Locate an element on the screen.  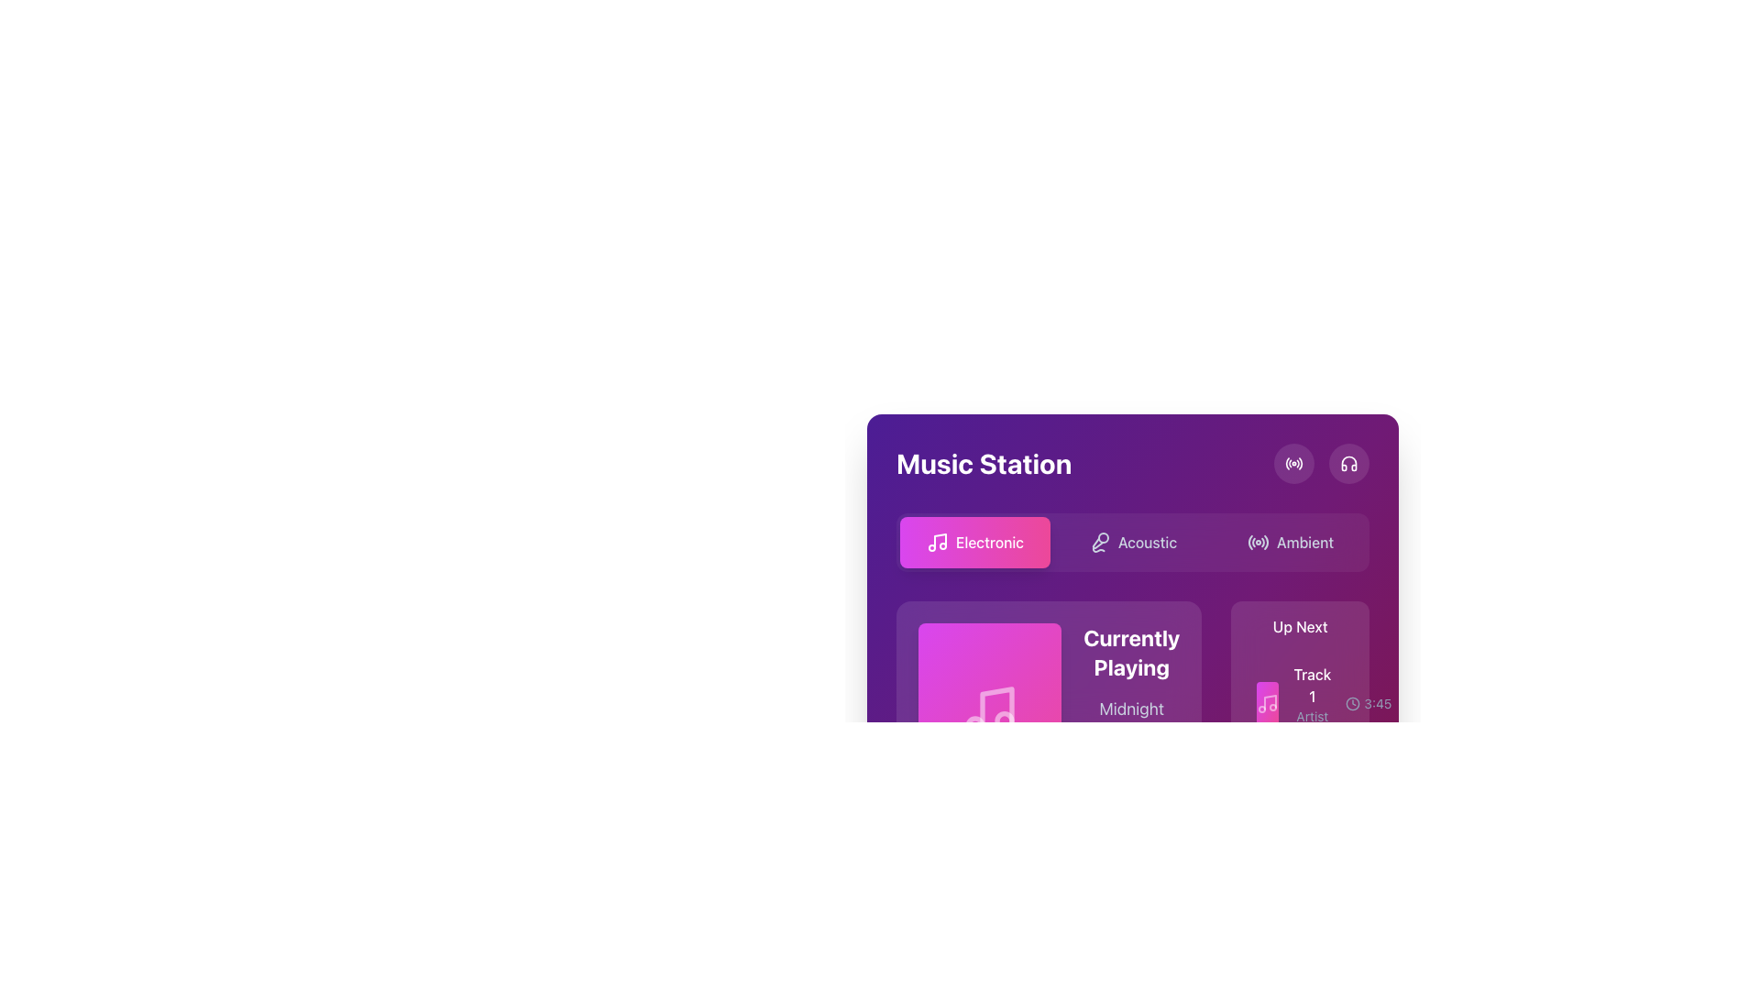
the 'Acoustic' button located centrally in the row of buttons under the 'Music Station' header is located at coordinates (1132, 541).